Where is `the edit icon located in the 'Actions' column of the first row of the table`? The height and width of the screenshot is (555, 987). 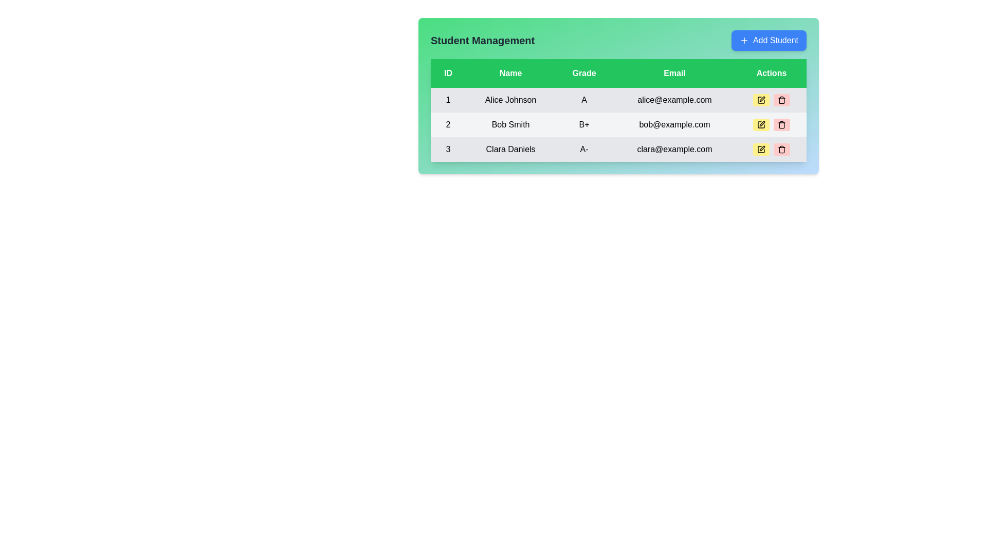 the edit icon located in the 'Actions' column of the first row of the table is located at coordinates (761, 100).